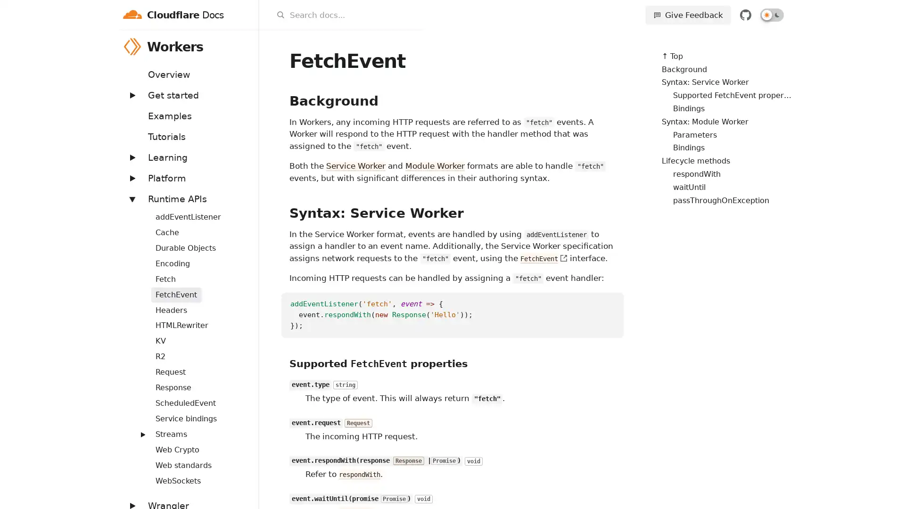 This screenshot has width=905, height=509. I want to click on Give Feedback, so click(688, 15).